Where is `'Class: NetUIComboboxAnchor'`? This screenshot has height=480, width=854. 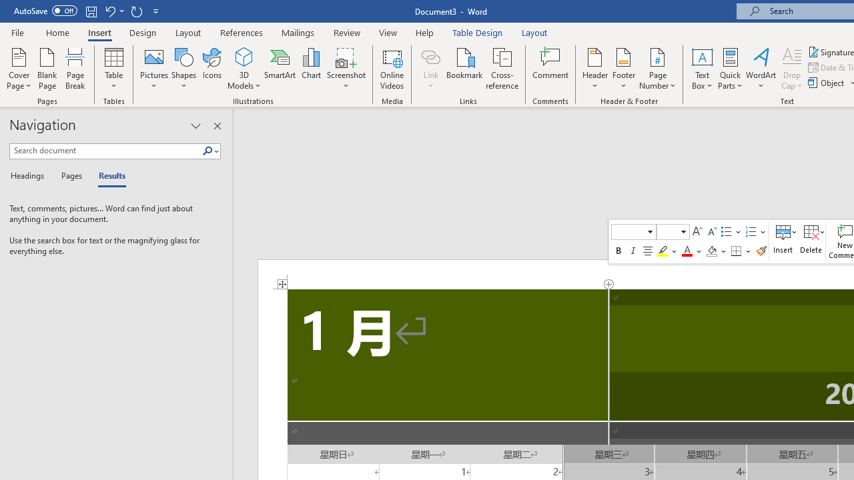
'Class: NetUIComboboxAnchor' is located at coordinates (673, 231).